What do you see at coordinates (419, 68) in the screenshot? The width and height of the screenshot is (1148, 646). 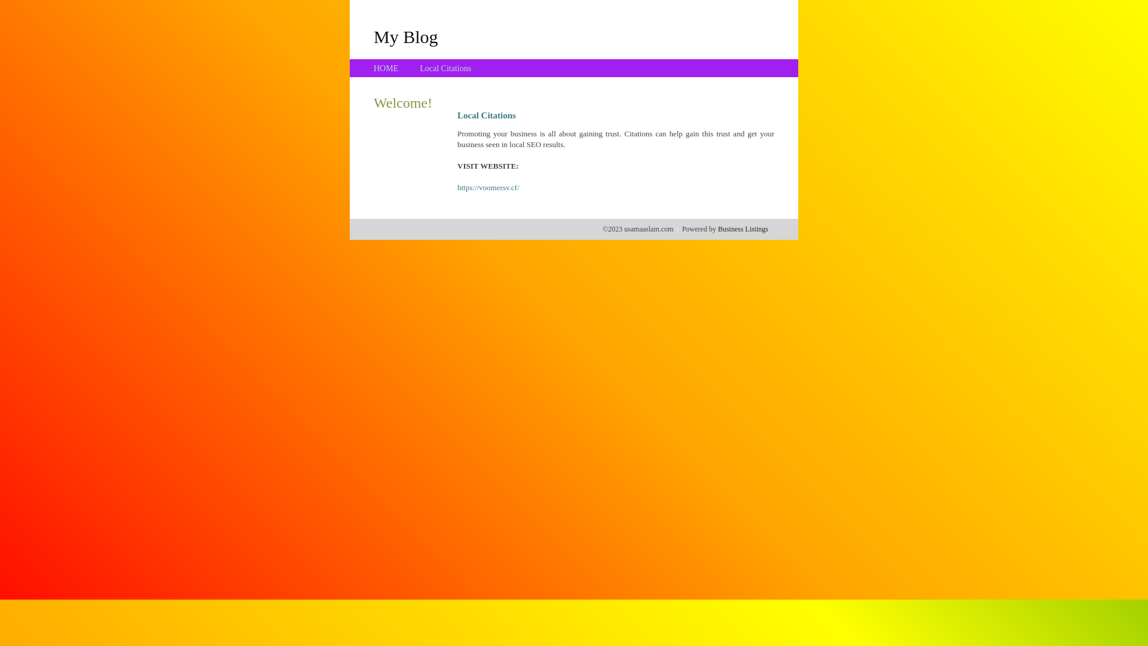 I see `'Local Citations'` at bounding box center [419, 68].